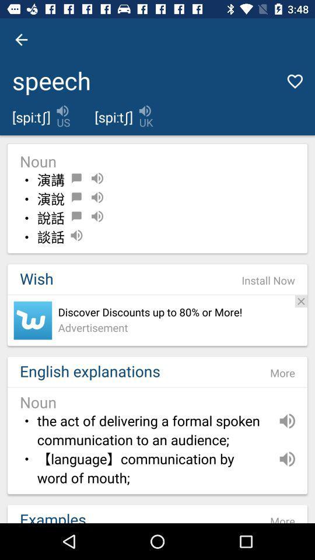 The width and height of the screenshot is (315, 560). I want to click on the third message icon from the top, so click(76, 216).